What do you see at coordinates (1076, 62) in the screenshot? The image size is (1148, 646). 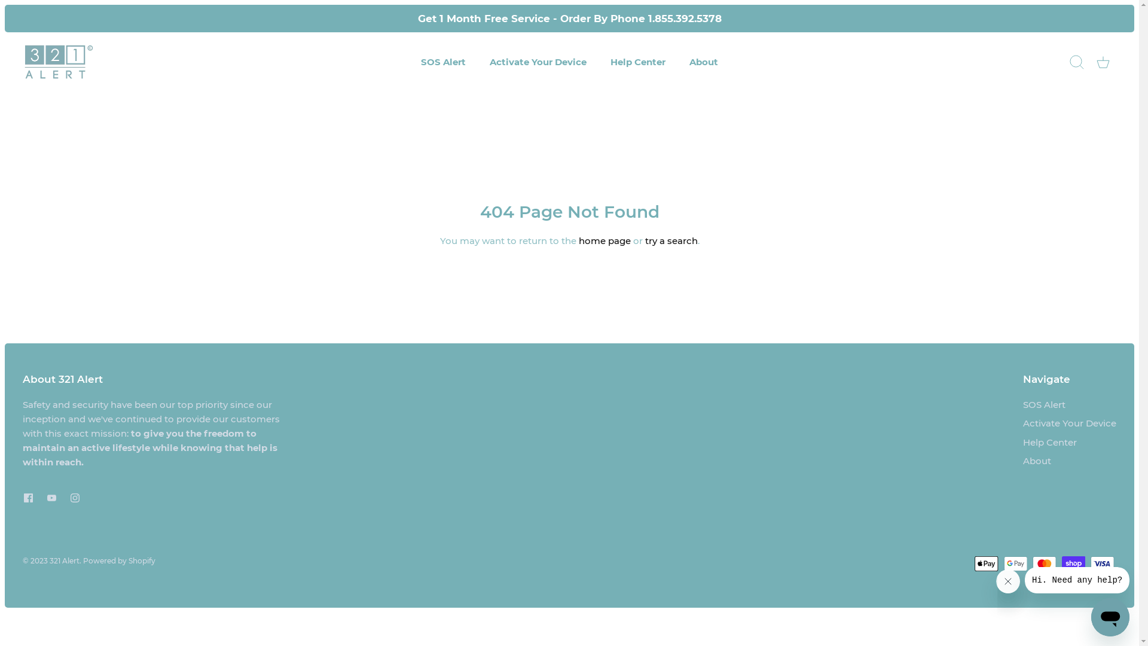 I see `'Search'` at bounding box center [1076, 62].